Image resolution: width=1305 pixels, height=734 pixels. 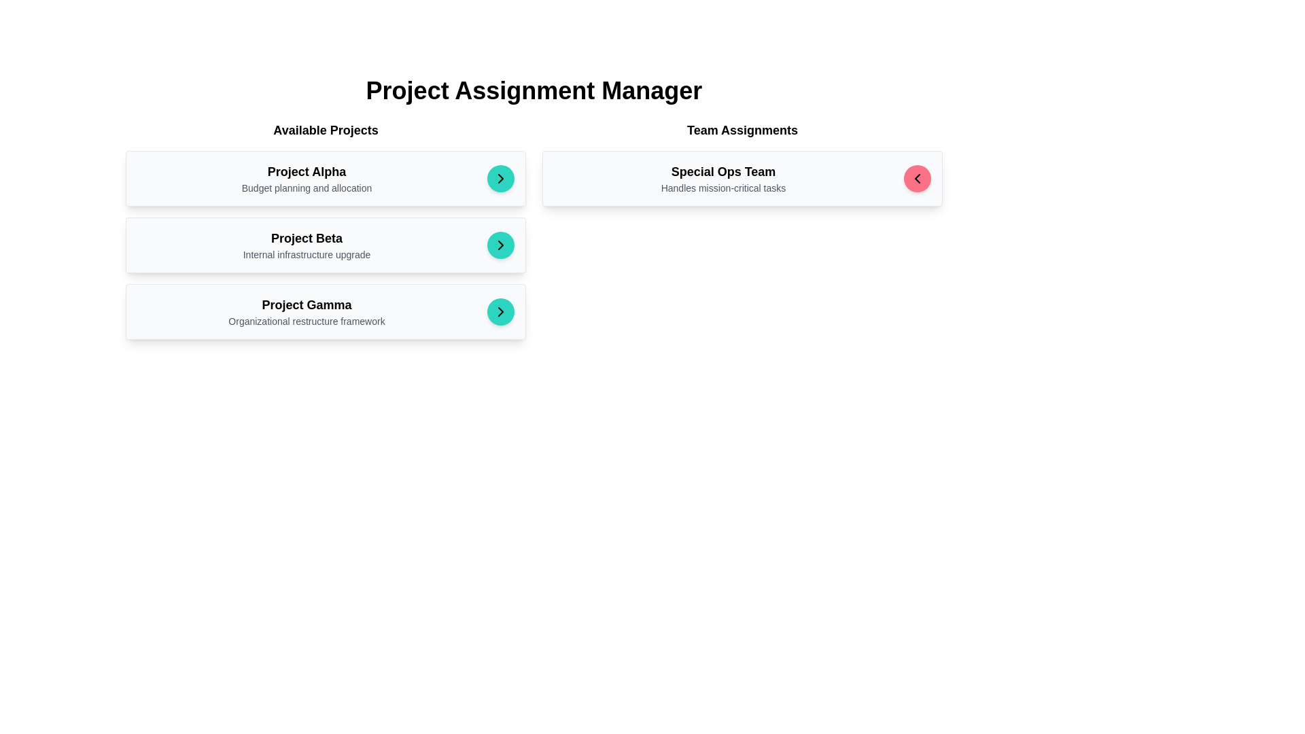 I want to click on the circular button associated with 'Project Gamma' in the 'Available Projects' list, so click(x=500, y=312).